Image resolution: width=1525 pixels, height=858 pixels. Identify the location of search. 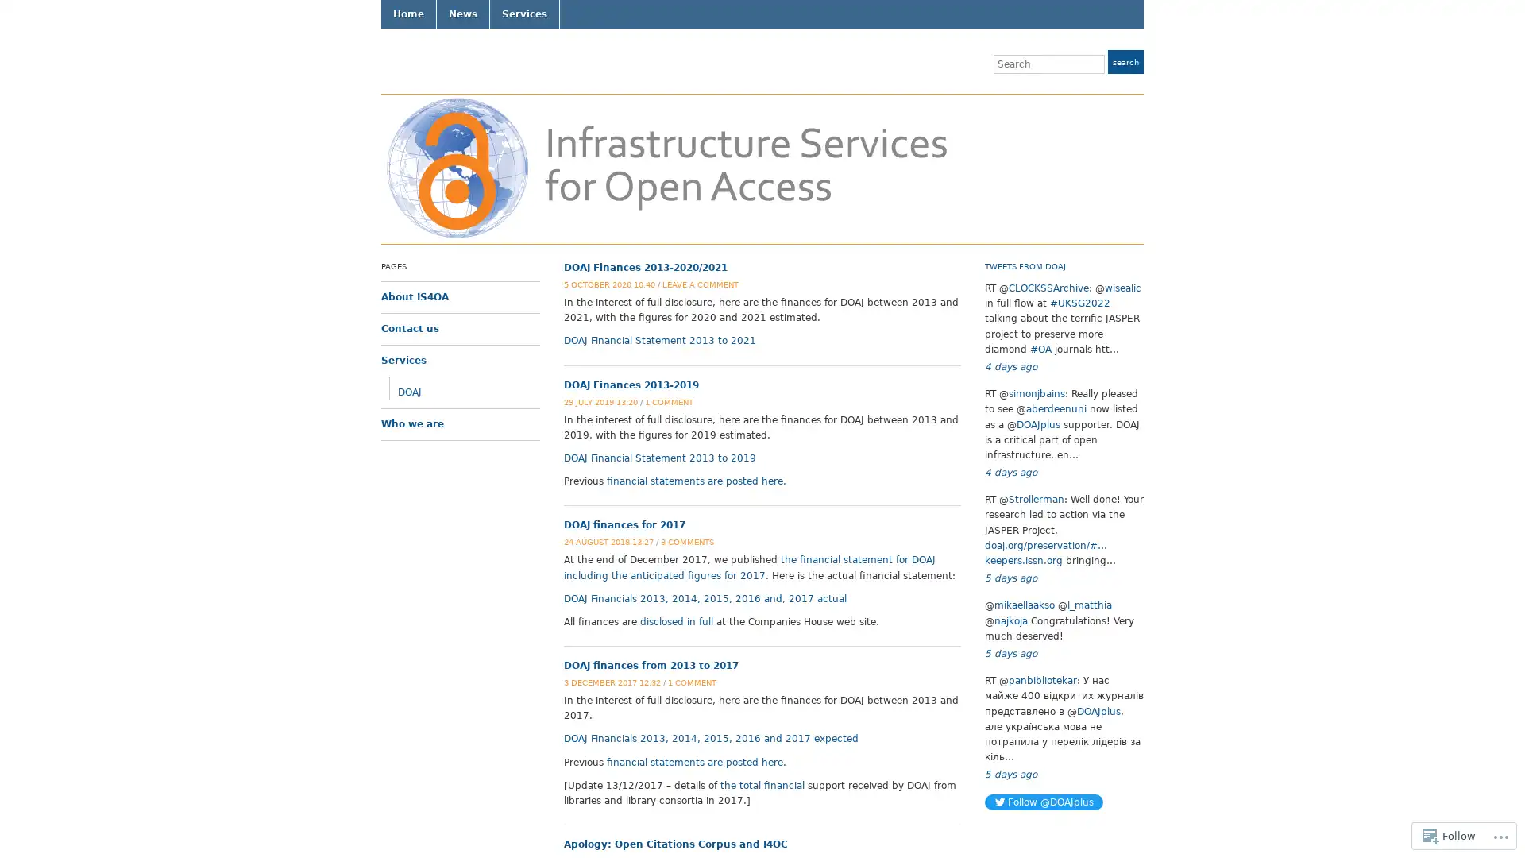
(1125, 60).